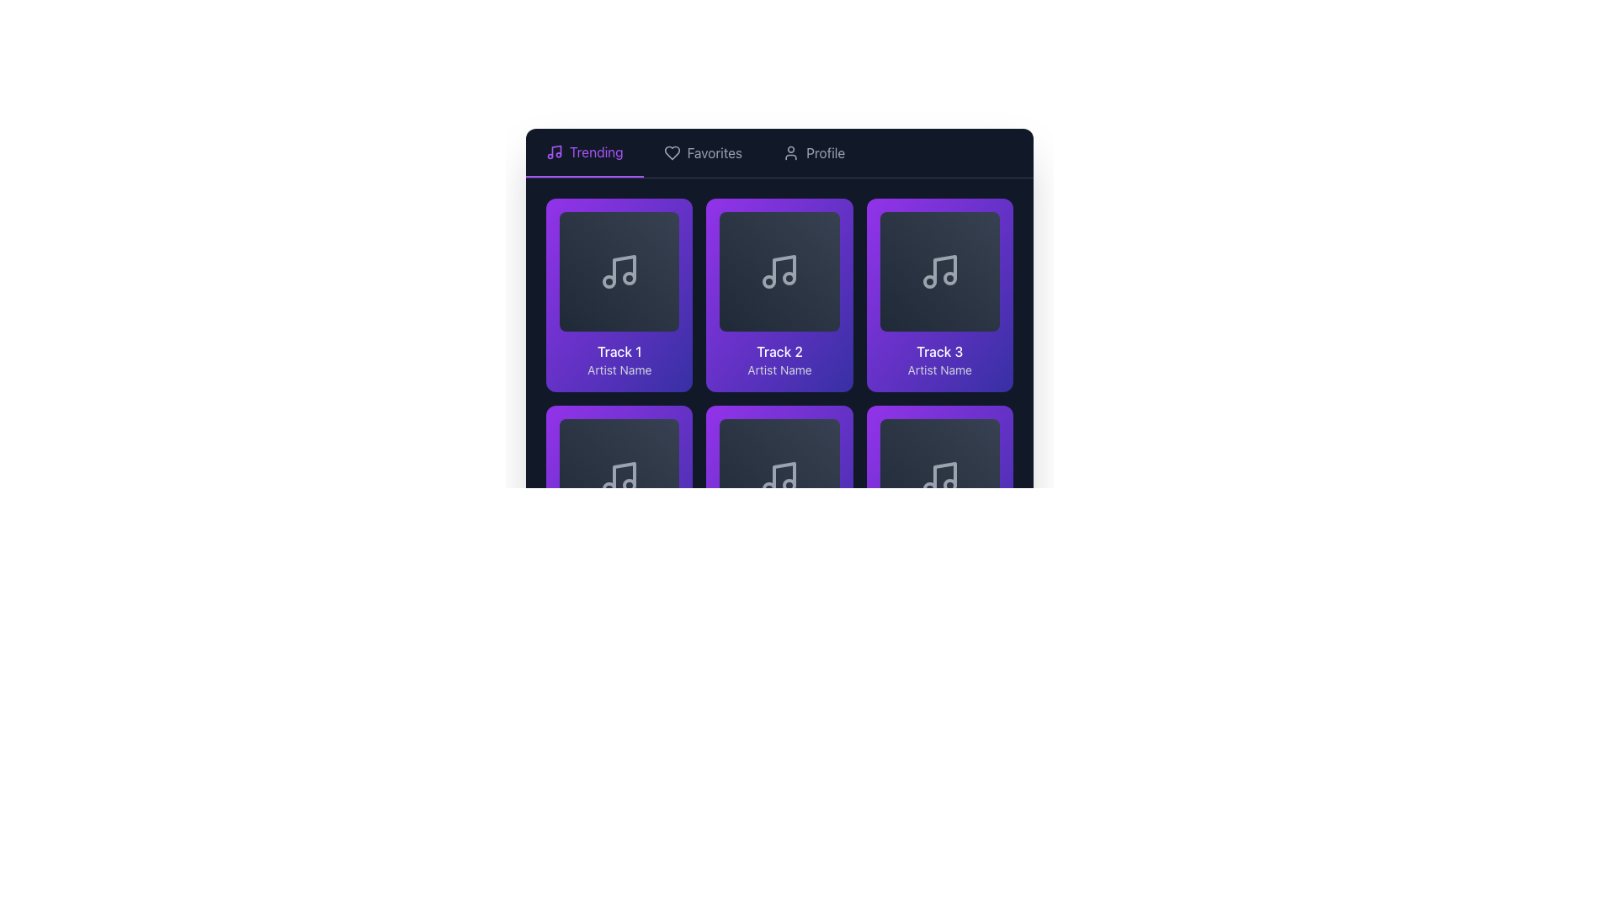 Image resolution: width=1616 pixels, height=909 pixels. Describe the element at coordinates (703, 152) in the screenshot. I see `the Favorites button in the navigation bar, which is the second item located between 'Trending' and 'Profile'` at that location.